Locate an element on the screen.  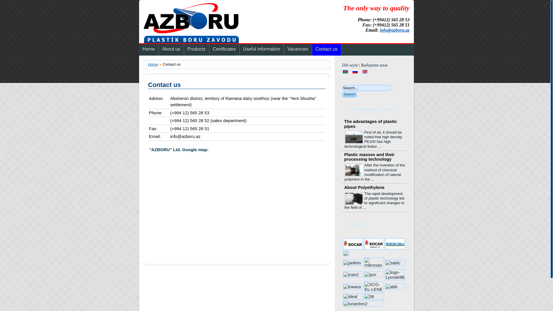
'Home' is located at coordinates (153, 64).